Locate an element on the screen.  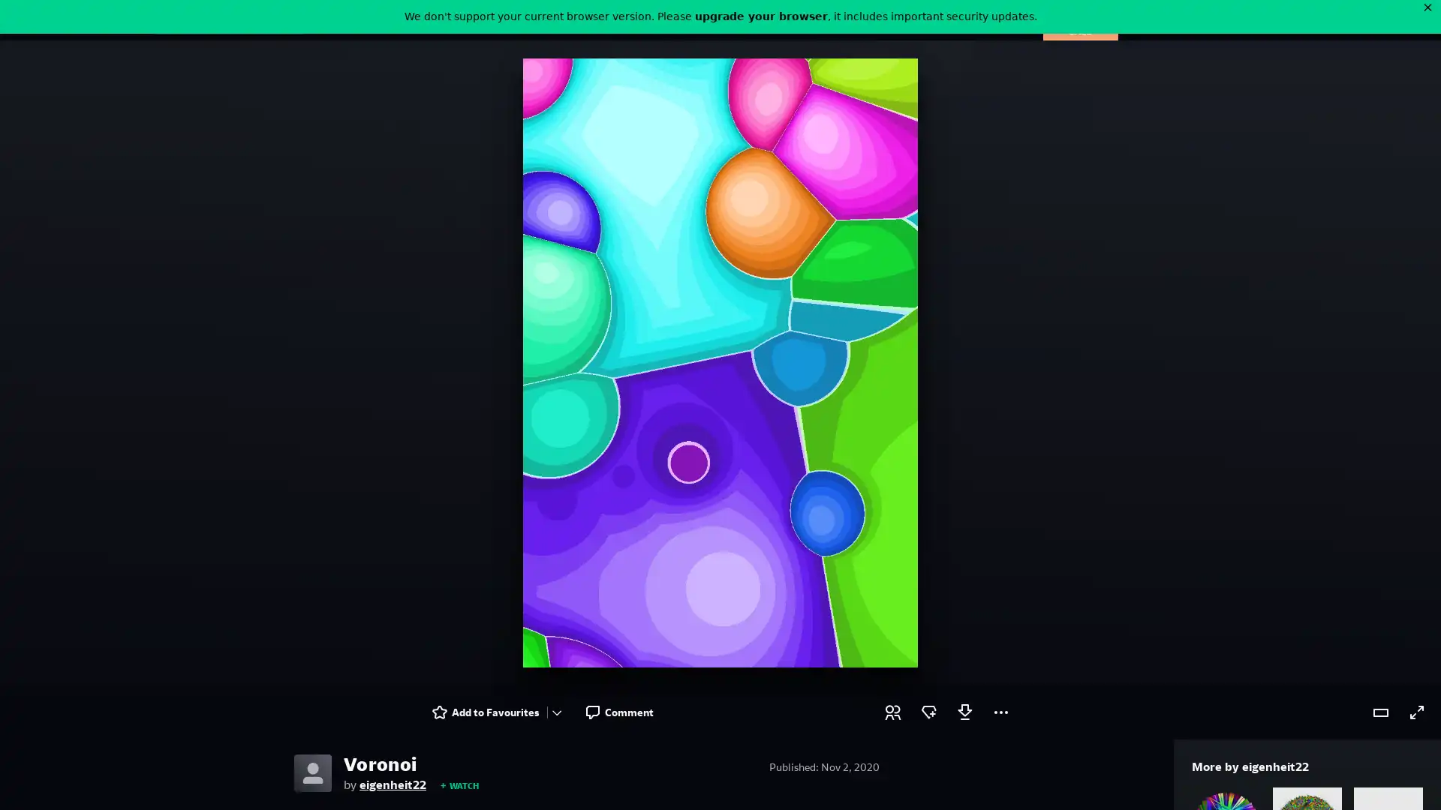
Award a badge is located at coordinates (795, 711).